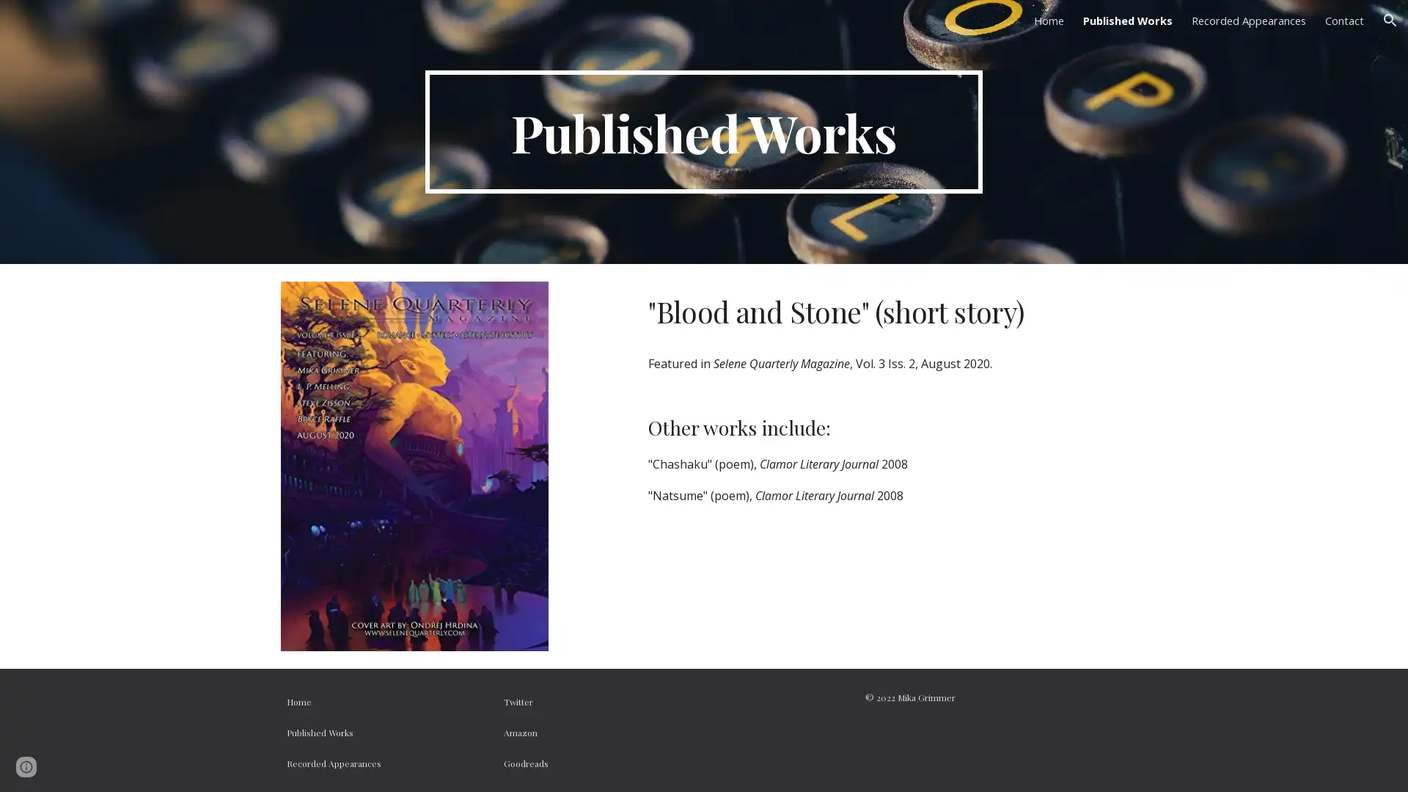 This screenshot has height=792, width=1408. Describe the element at coordinates (26, 766) in the screenshot. I see `Site actions` at that location.